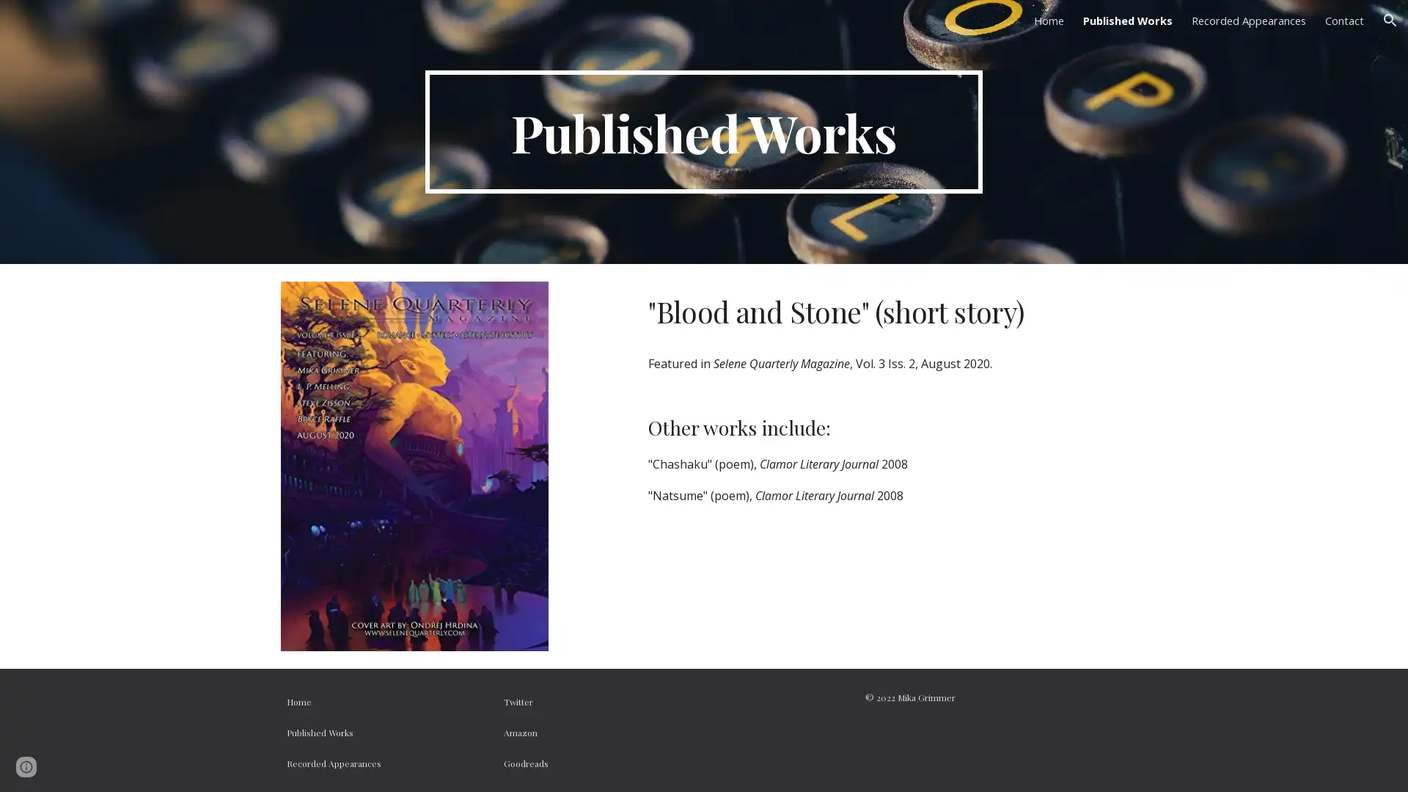 This screenshot has height=792, width=1408. Describe the element at coordinates (26, 766) in the screenshot. I see `Site actions` at that location.